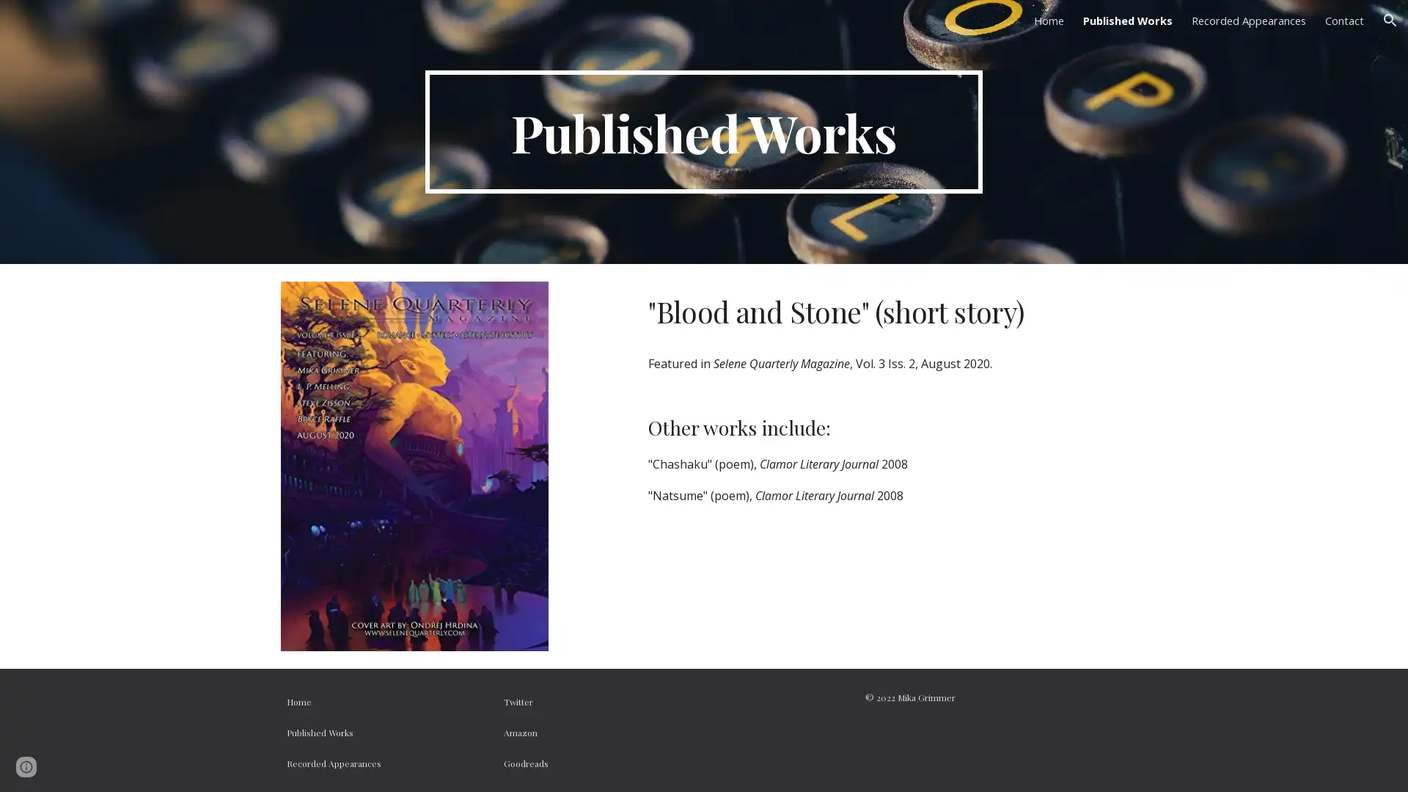 This screenshot has height=792, width=1408. Describe the element at coordinates (26, 766) in the screenshot. I see `Site actions` at that location.